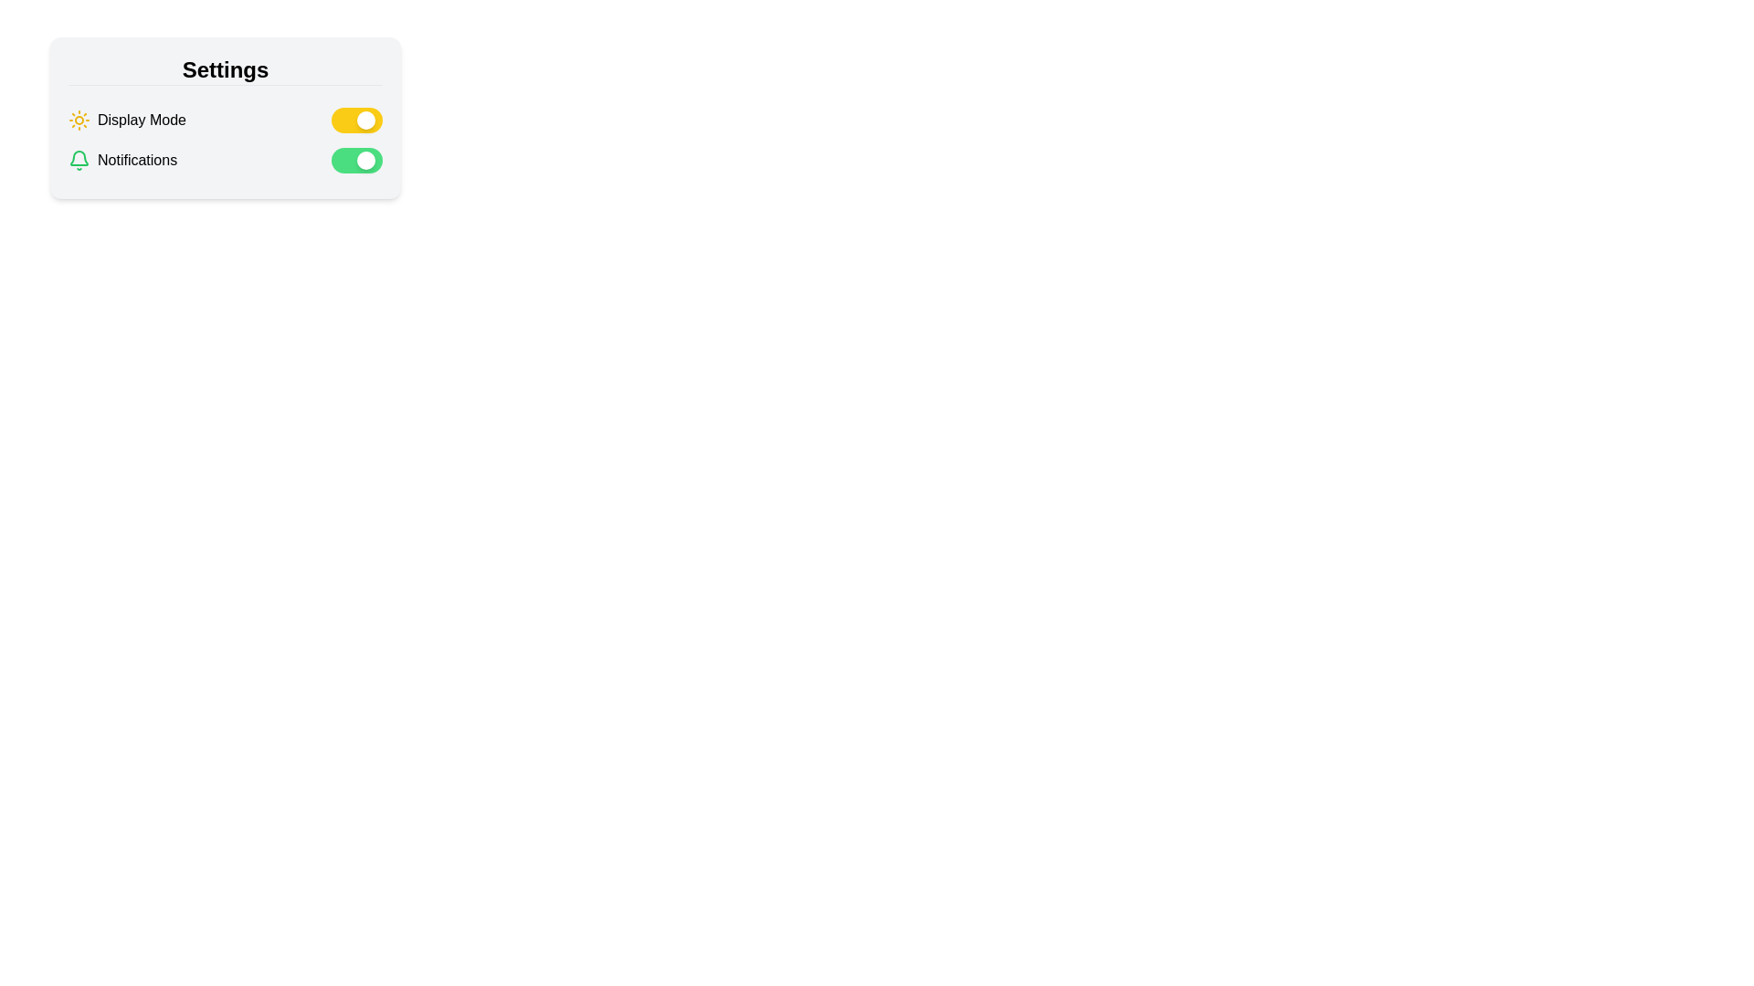 The image size is (1754, 986). Describe the element at coordinates (365, 160) in the screenshot. I see `the toggle handle, which is a small white circle with a shadow effect located on the right side of the toggle switch for Notifications in the settings interface` at that location.